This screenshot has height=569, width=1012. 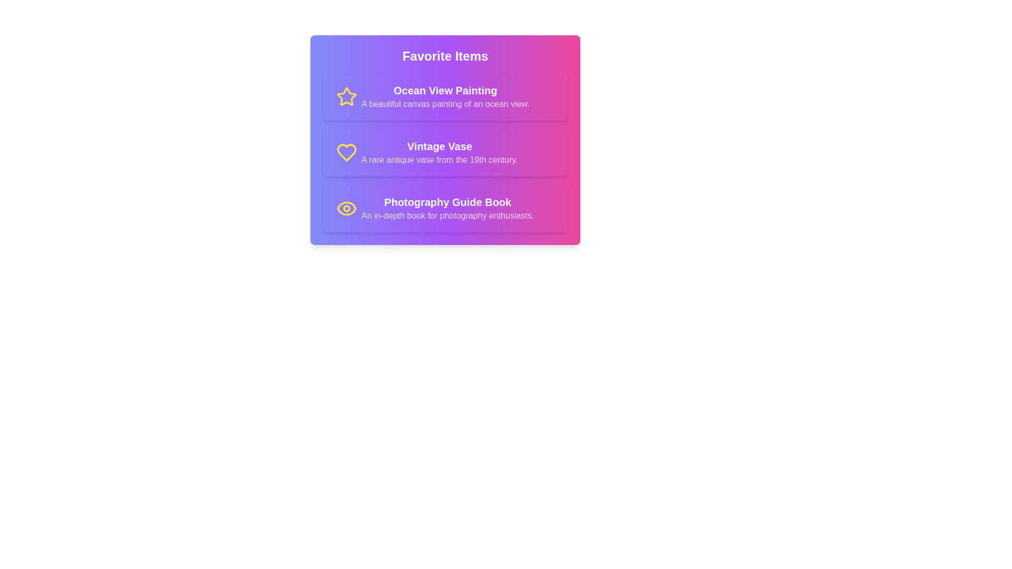 What do you see at coordinates (445, 97) in the screenshot?
I see `the item Ocean View Painting from the list` at bounding box center [445, 97].